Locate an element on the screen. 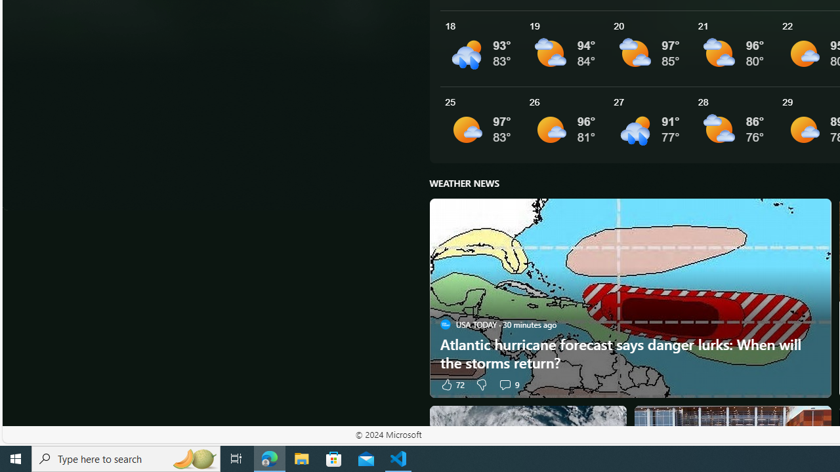  'View comments 9 Comment' is located at coordinates (508, 383).